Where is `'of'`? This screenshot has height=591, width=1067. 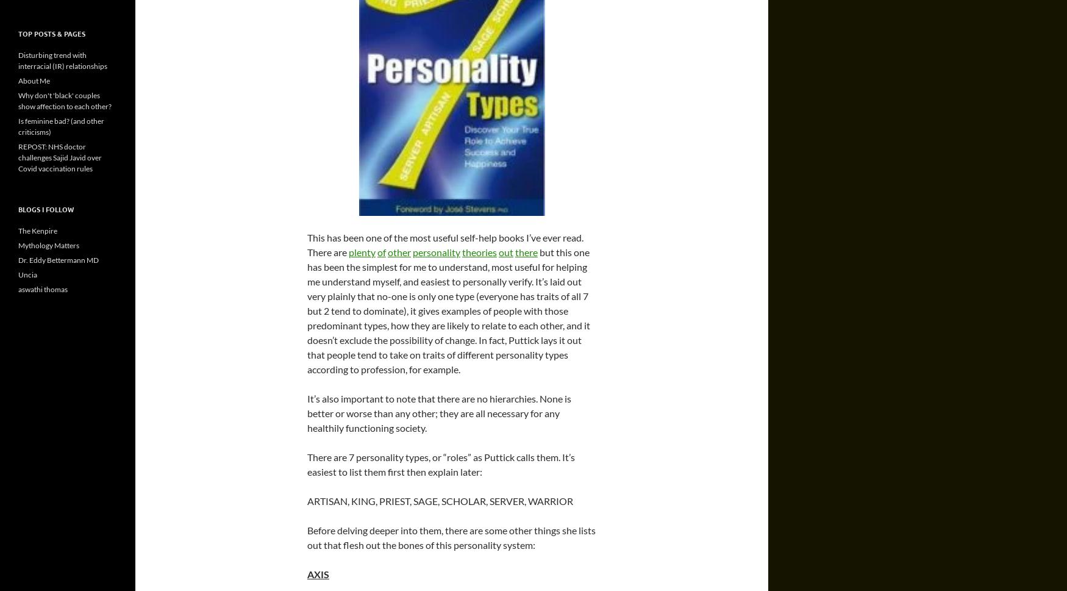 'of' is located at coordinates (381, 251).